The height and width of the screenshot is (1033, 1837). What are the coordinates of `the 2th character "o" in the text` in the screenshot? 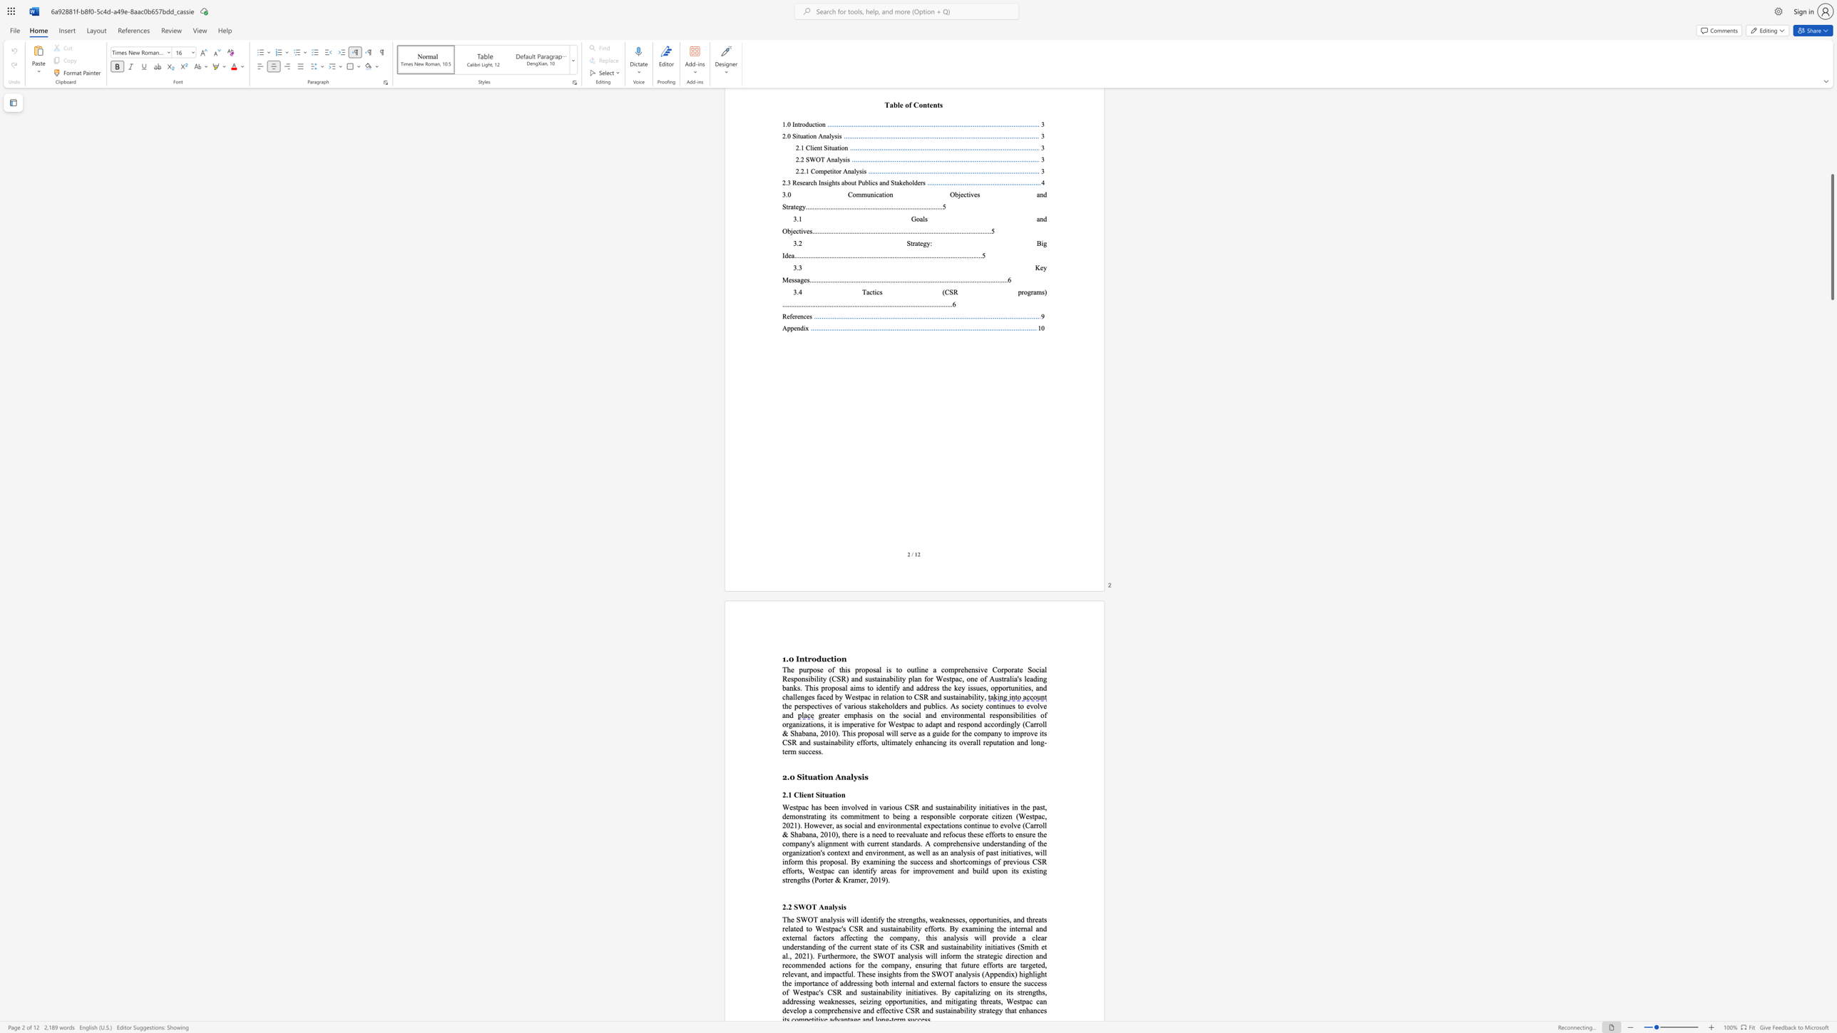 It's located at (1008, 741).